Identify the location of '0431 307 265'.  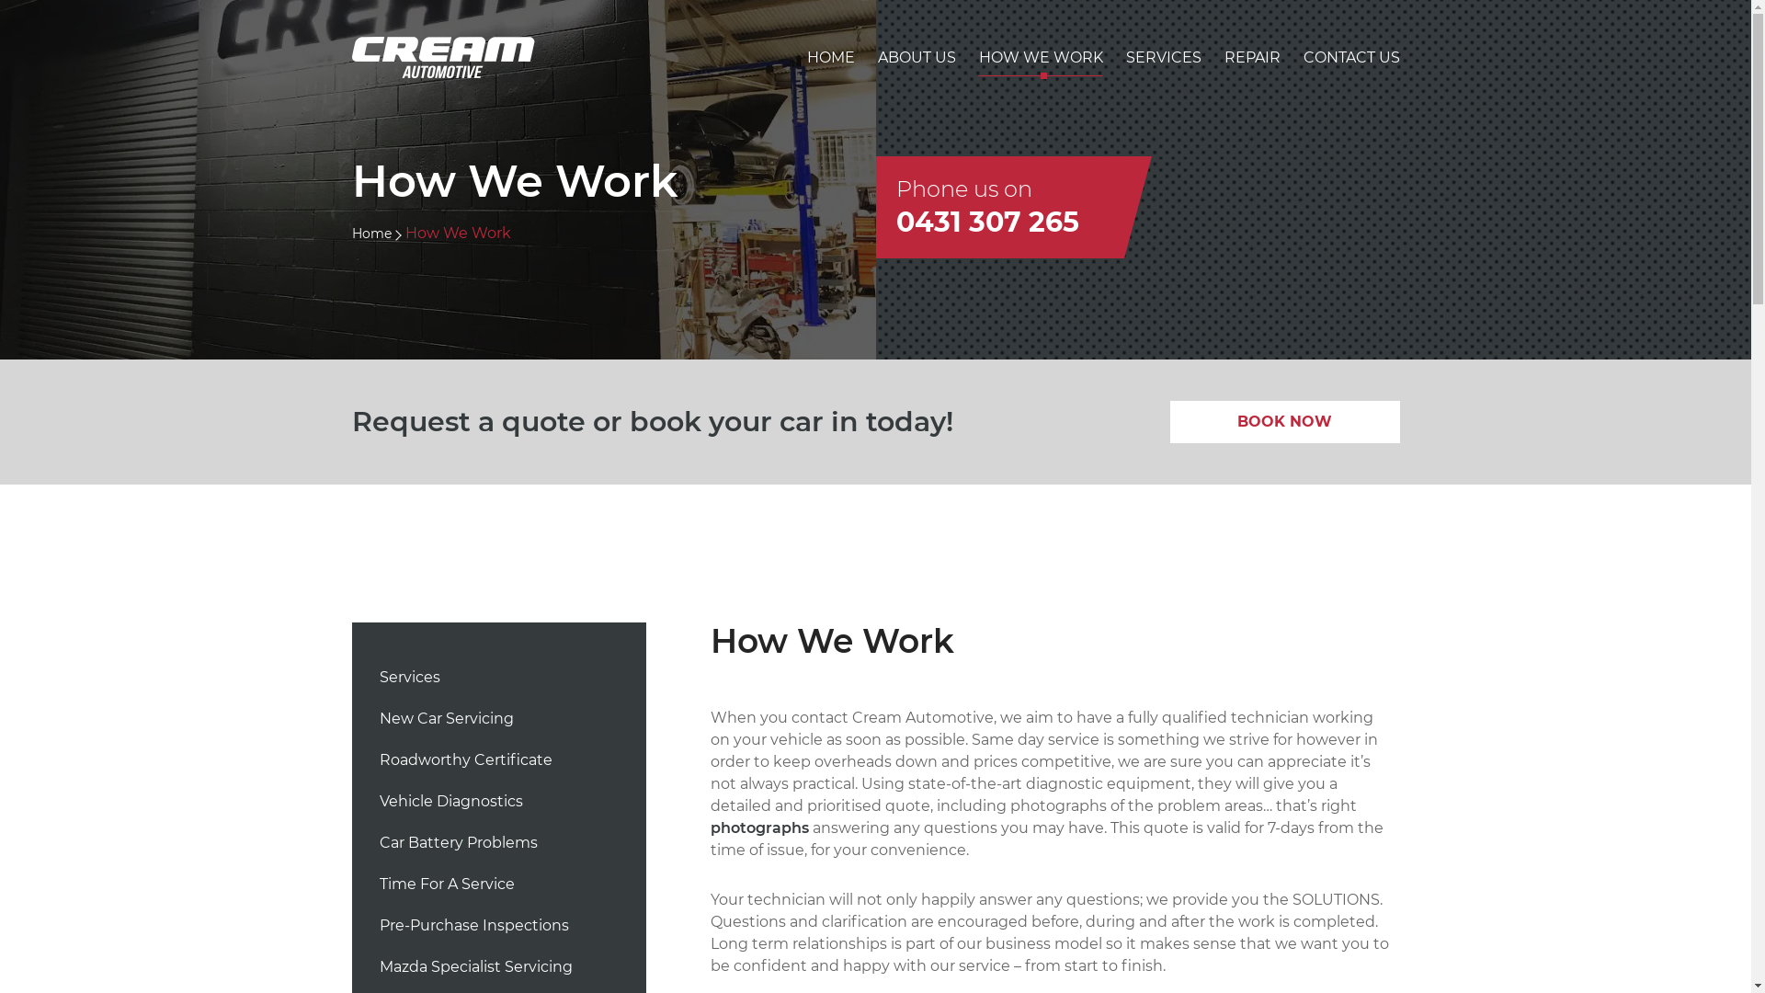
(985, 221).